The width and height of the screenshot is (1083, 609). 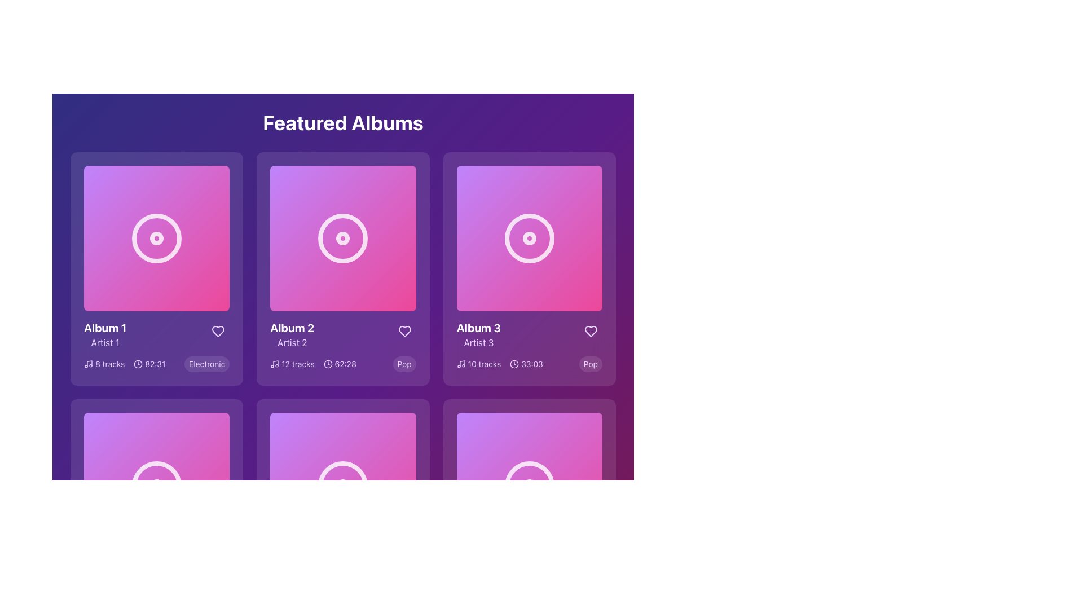 What do you see at coordinates (156, 485) in the screenshot?
I see `the graphic details of the Decorative album cover placeholder located in the second row, first column of the album entries grid, directly below 'Album 1'` at bounding box center [156, 485].